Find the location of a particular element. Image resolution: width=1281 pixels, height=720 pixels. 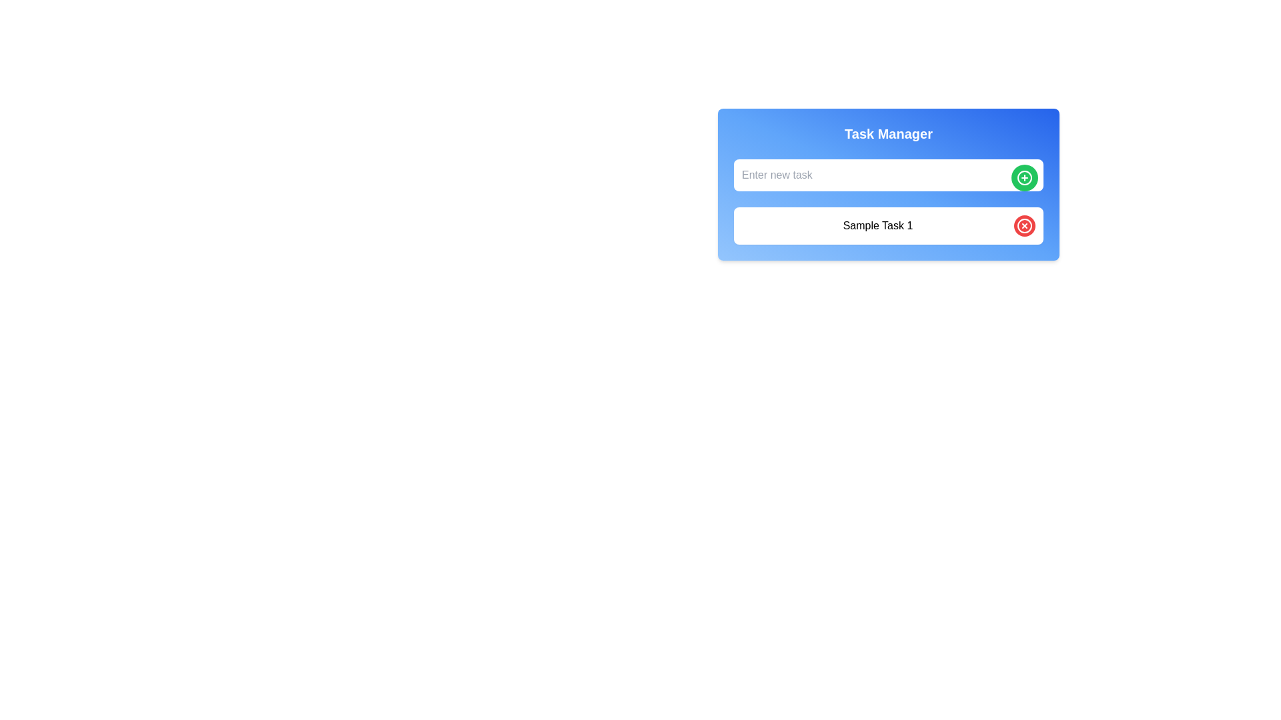

the circular SVG graphic used as a delete icon located to the right of the task text 'Sample Task 1' in the second list item is located at coordinates (1024, 225).